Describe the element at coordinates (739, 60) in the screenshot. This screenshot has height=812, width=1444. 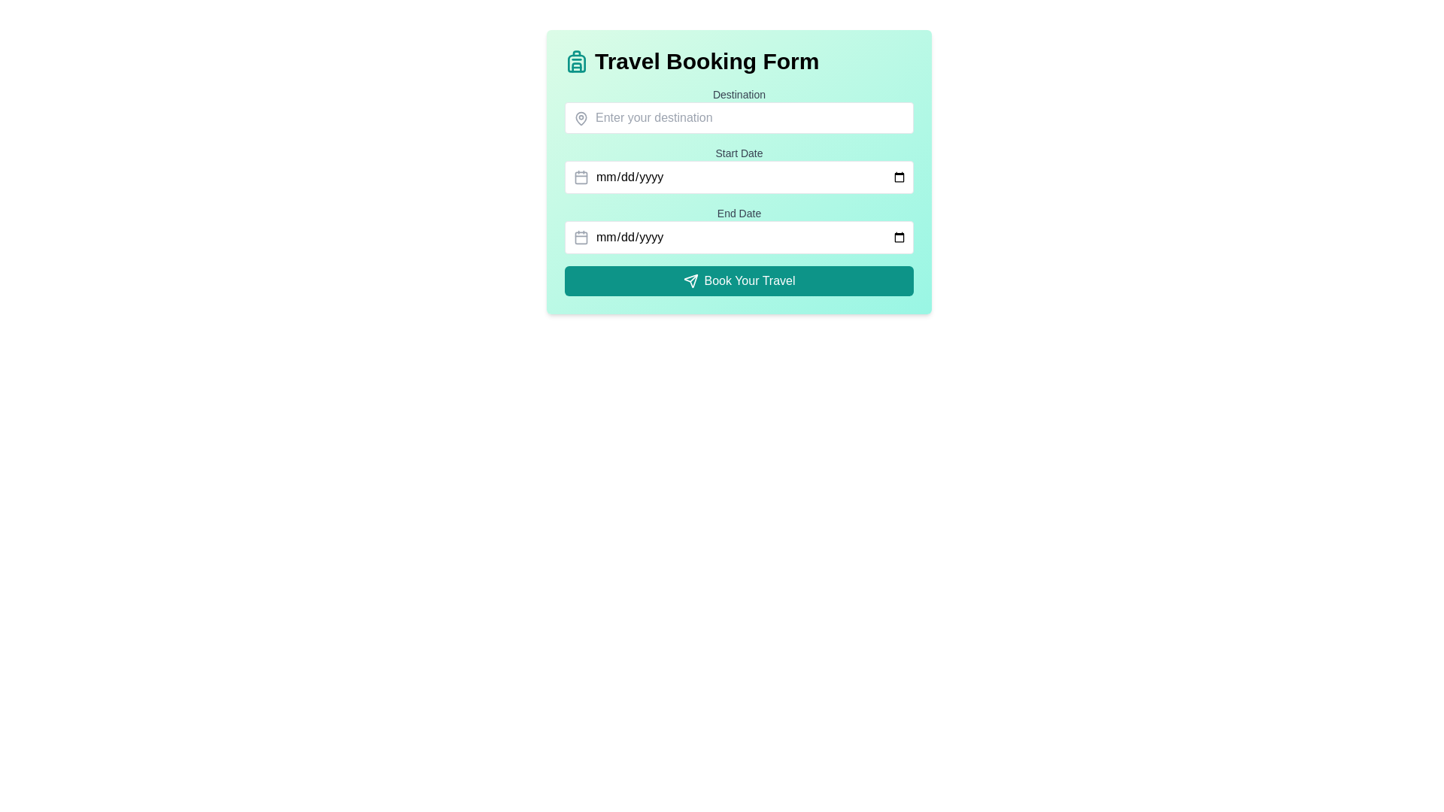
I see `header text 'Travel Booking Form' located at the top of the form interface, which features a prominent title and a backpack icon to the left` at that location.